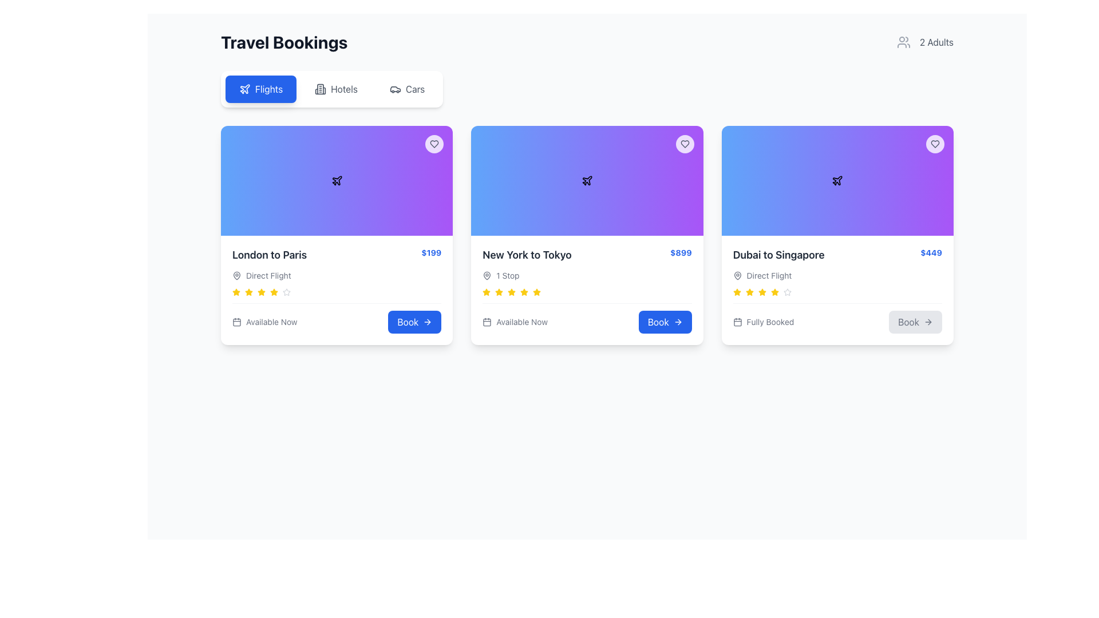 The width and height of the screenshot is (1099, 618). Describe the element at coordinates (737, 291) in the screenshot. I see `the leftmost star icon representing the rating for the travel option from 'New York to Tokyo'` at that location.